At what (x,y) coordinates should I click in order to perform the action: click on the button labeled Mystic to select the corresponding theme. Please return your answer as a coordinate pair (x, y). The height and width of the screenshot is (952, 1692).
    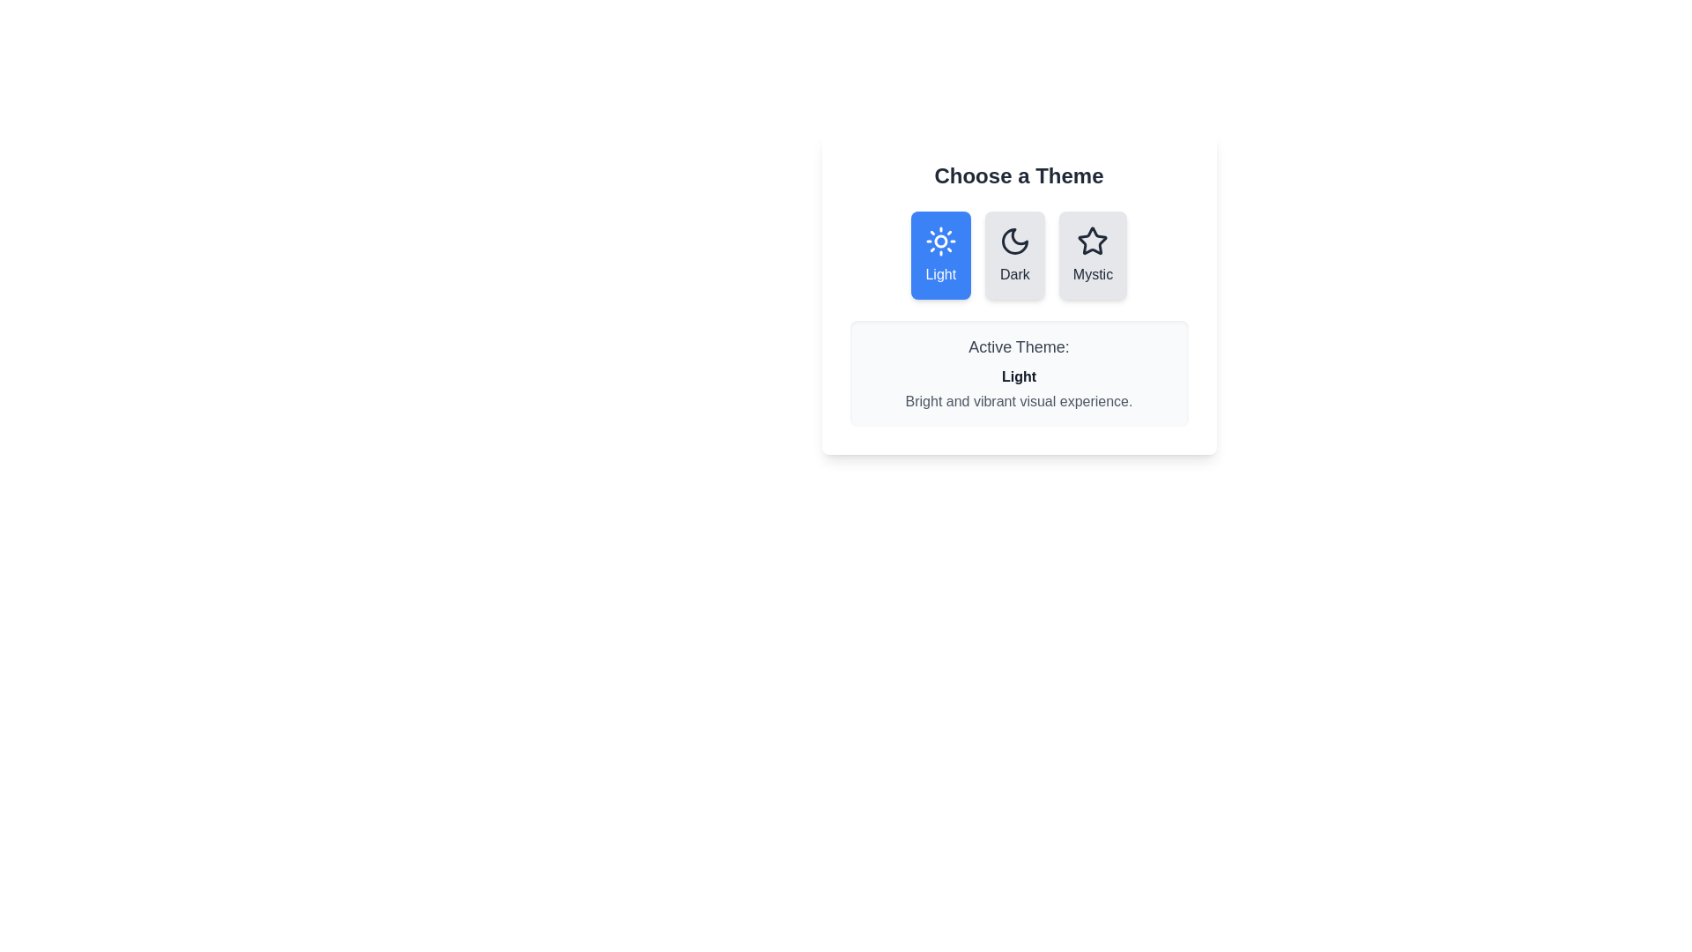
    Looking at the image, I should click on (1092, 255).